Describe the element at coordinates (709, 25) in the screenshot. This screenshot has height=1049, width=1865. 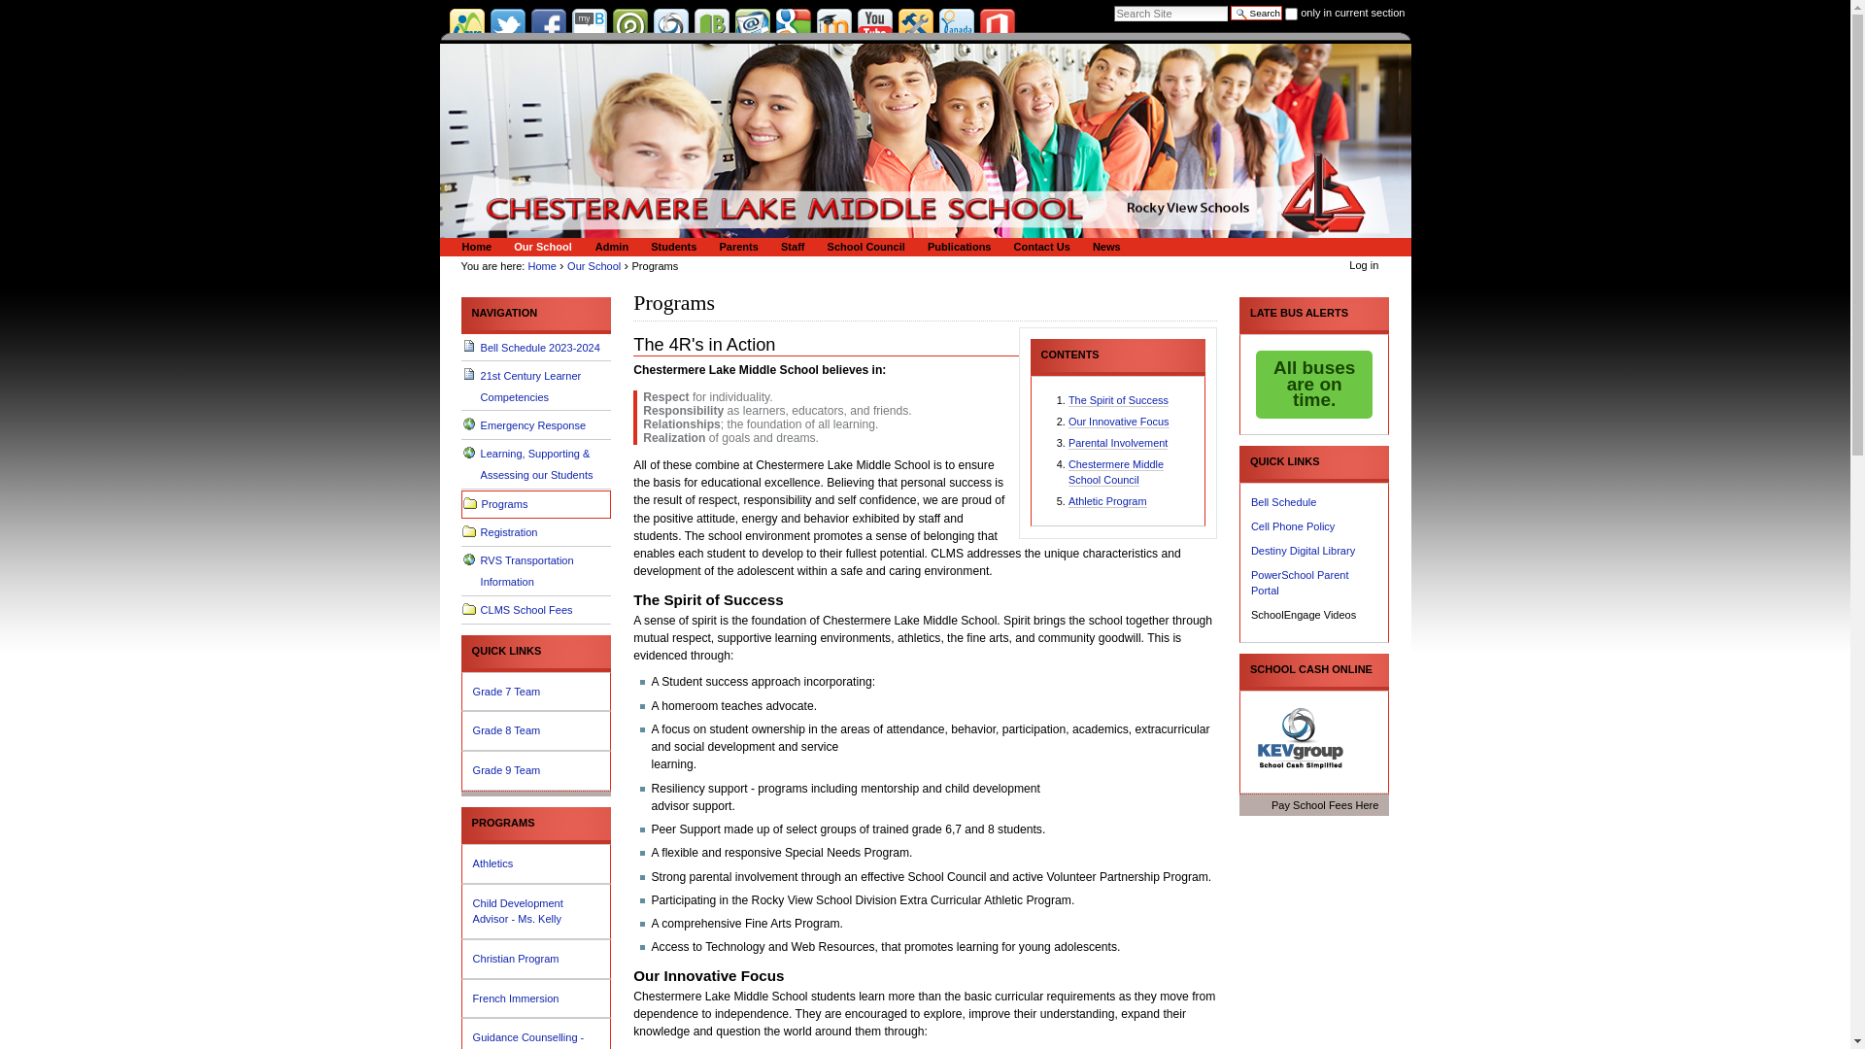
I see `'Bibliovation'` at that location.